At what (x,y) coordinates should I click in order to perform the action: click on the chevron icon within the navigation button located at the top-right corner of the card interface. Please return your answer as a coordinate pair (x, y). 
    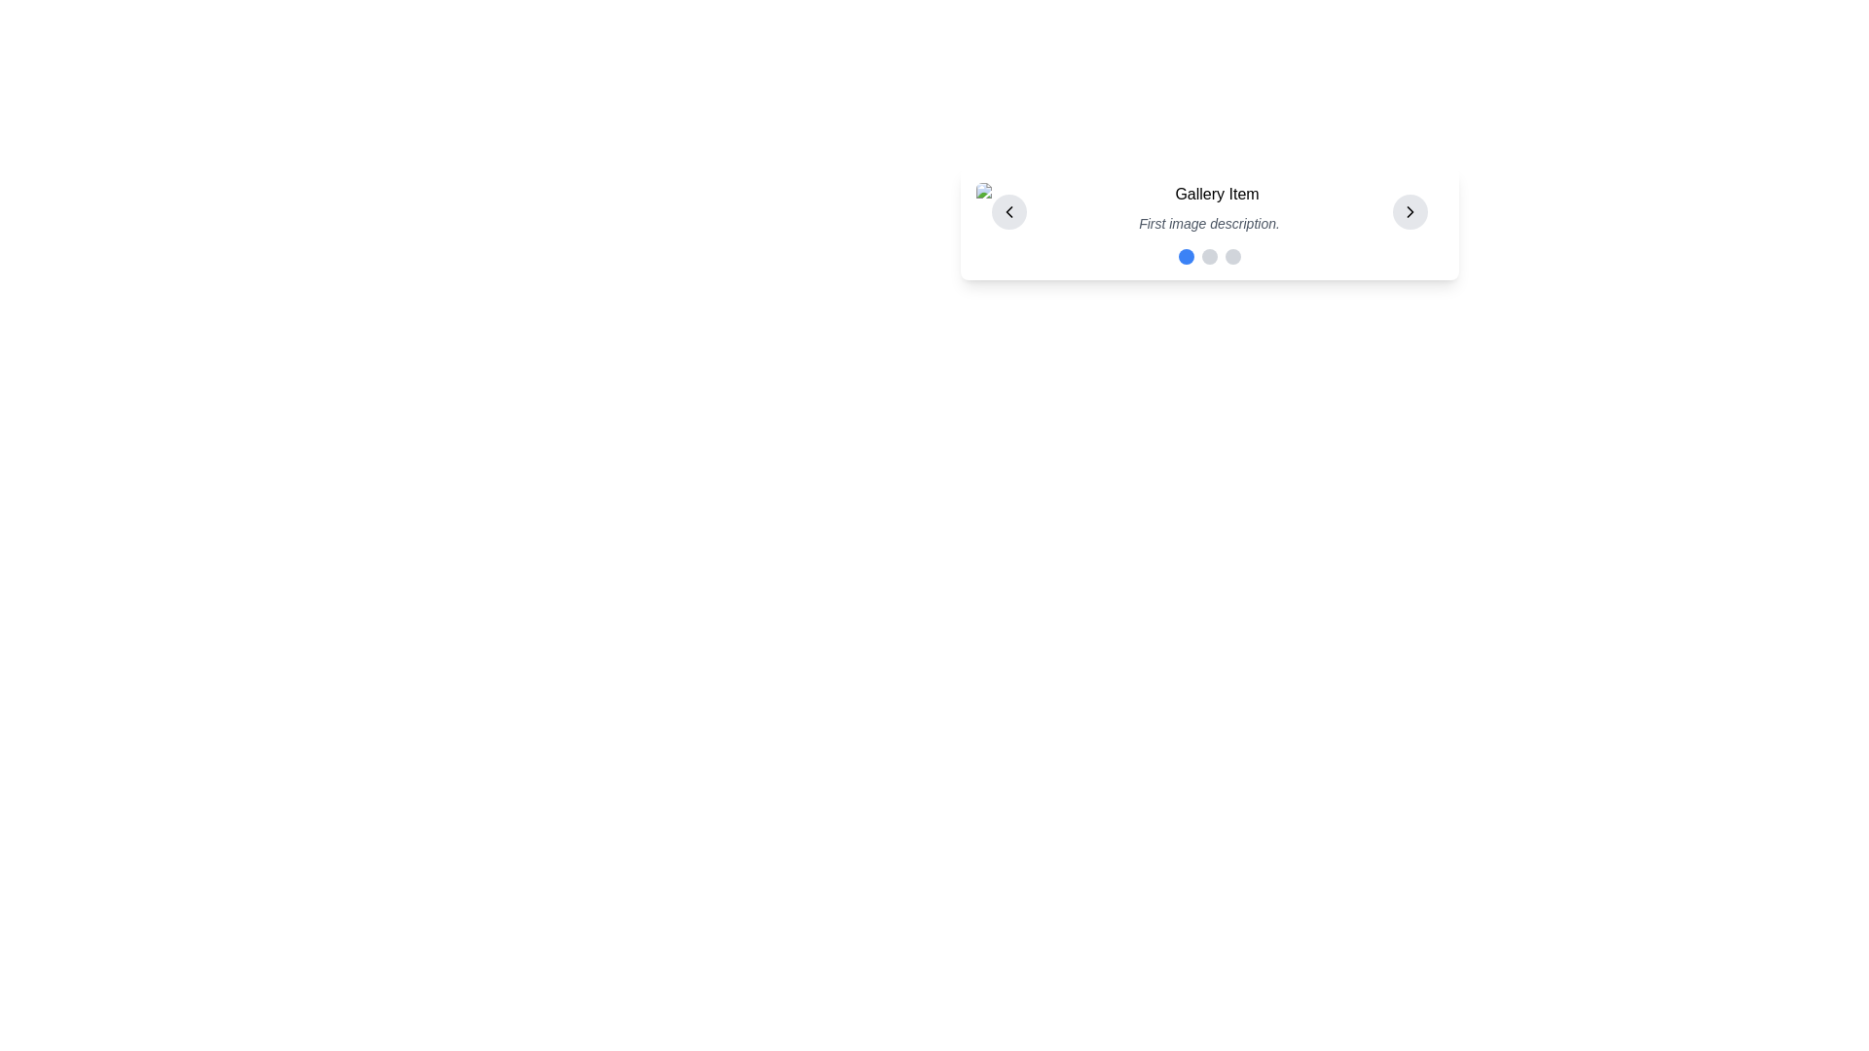
    Looking at the image, I should click on (1410, 212).